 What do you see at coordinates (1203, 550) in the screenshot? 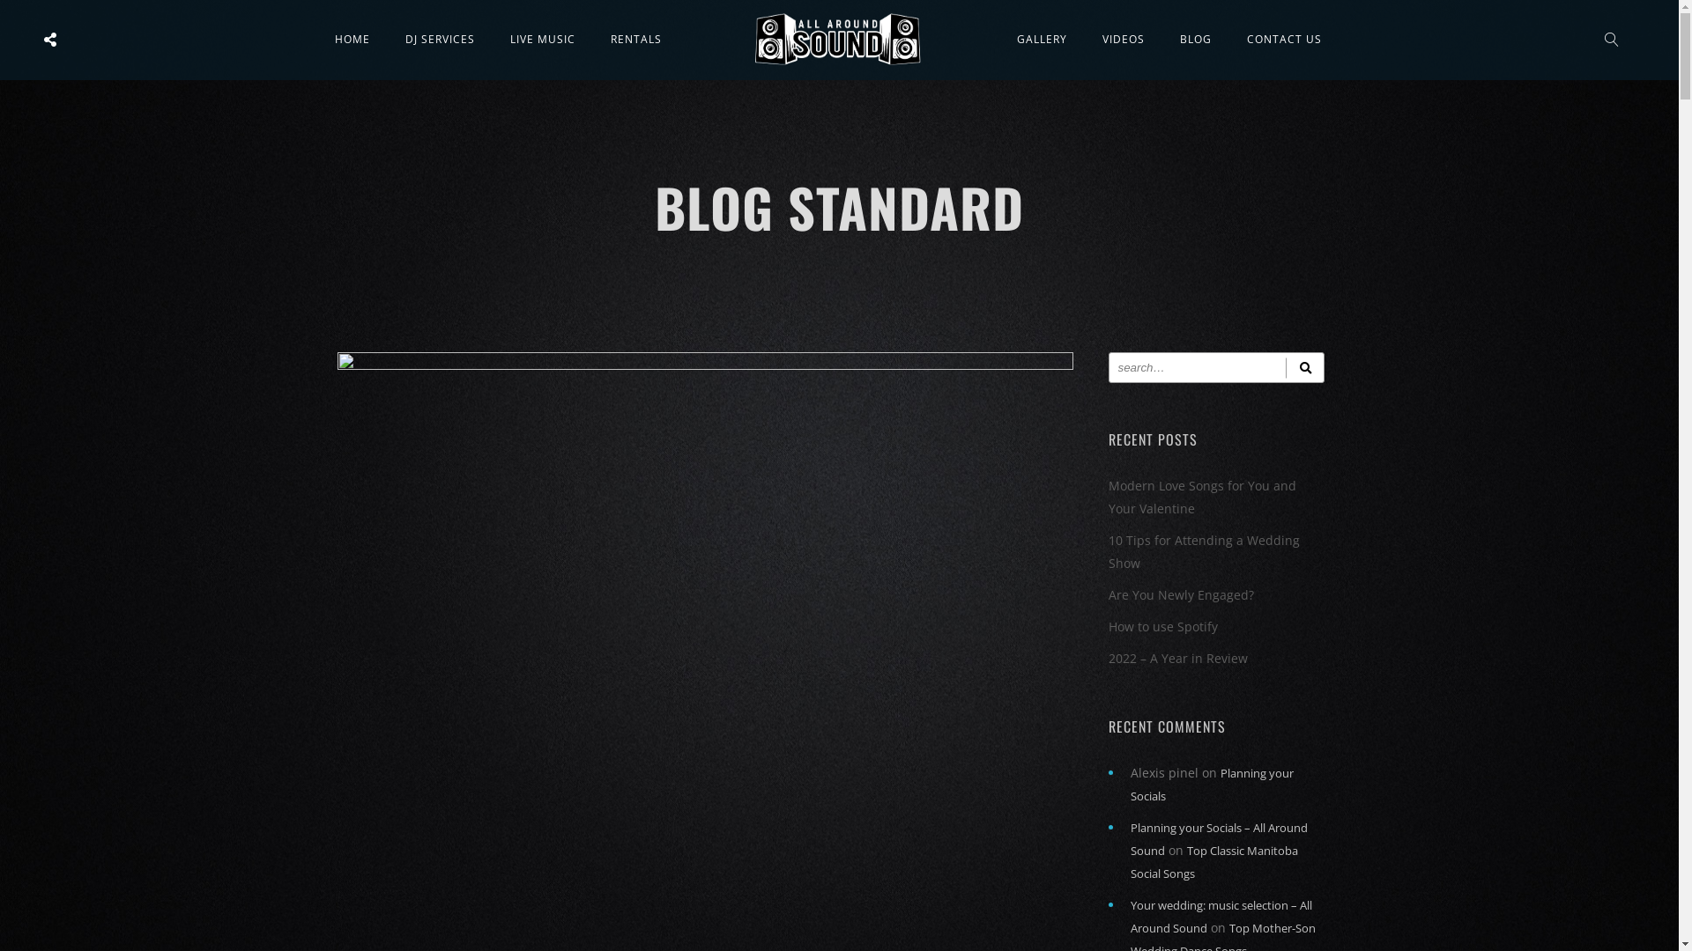
I see `'10 Tips for Attending a Wedding Show'` at bounding box center [1203, 550].